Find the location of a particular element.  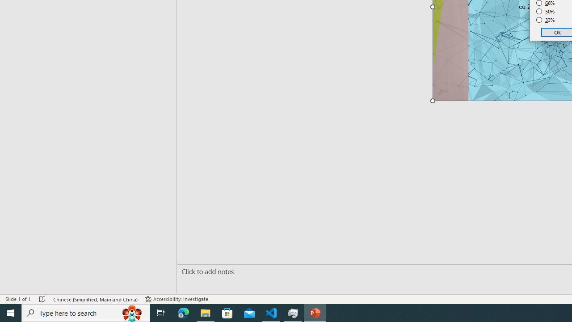

'PowerPoint - 1 running window' is located at coordinates (315, 312).